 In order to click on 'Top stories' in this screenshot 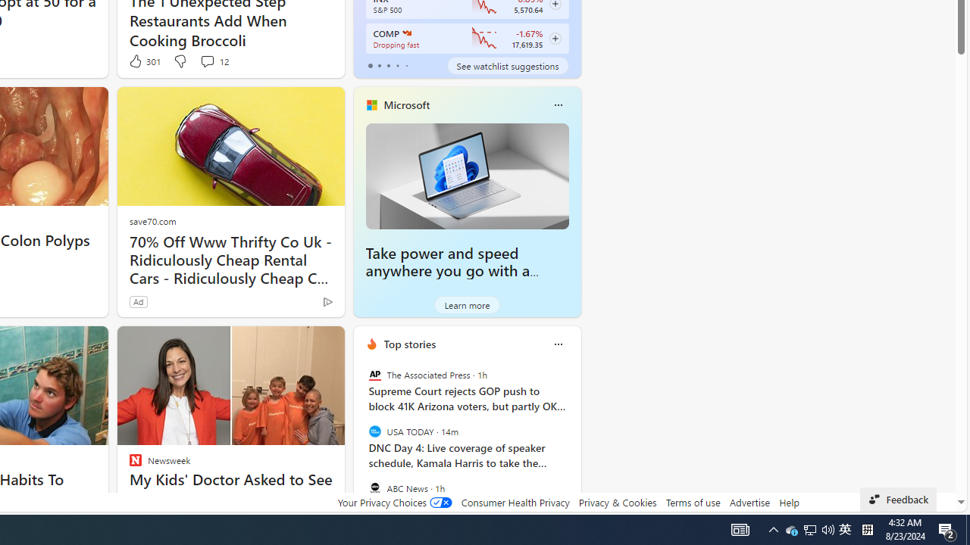, I will do `click(409, 344)`.